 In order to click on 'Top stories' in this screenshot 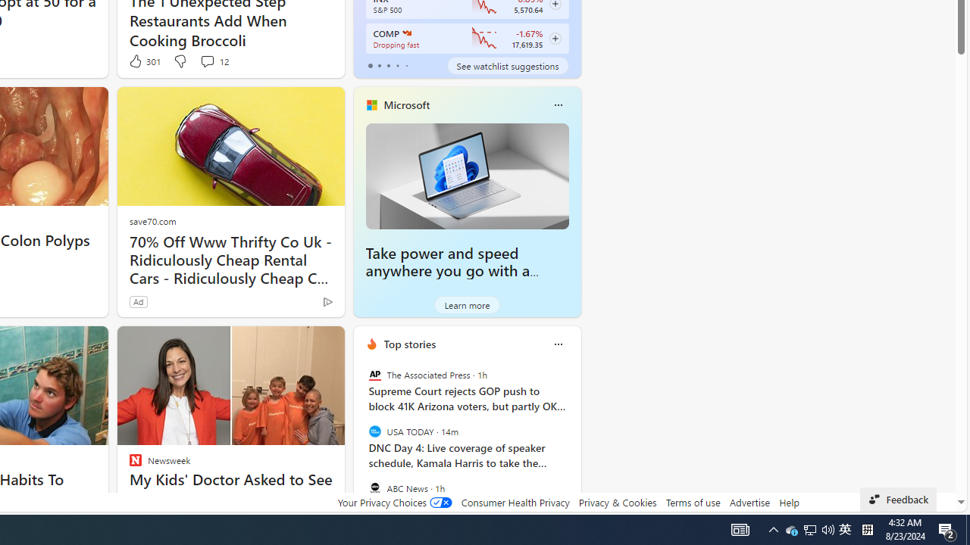, I will do `click(409, 344)`.